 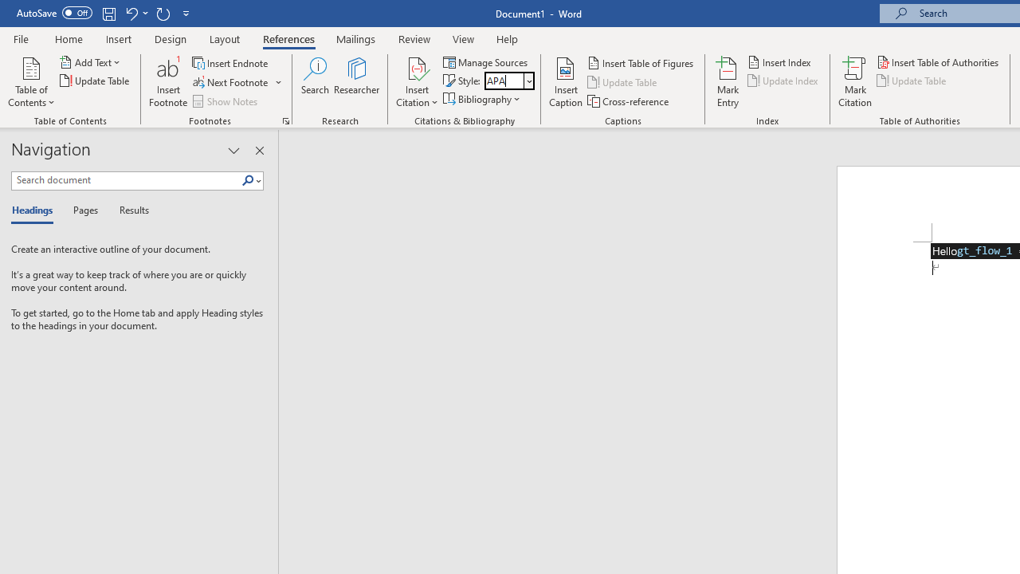 What do you see at coordinates (628, 101) in the screenshot?
I see `'Cross-reference...'` at bounding box center [628, 101].